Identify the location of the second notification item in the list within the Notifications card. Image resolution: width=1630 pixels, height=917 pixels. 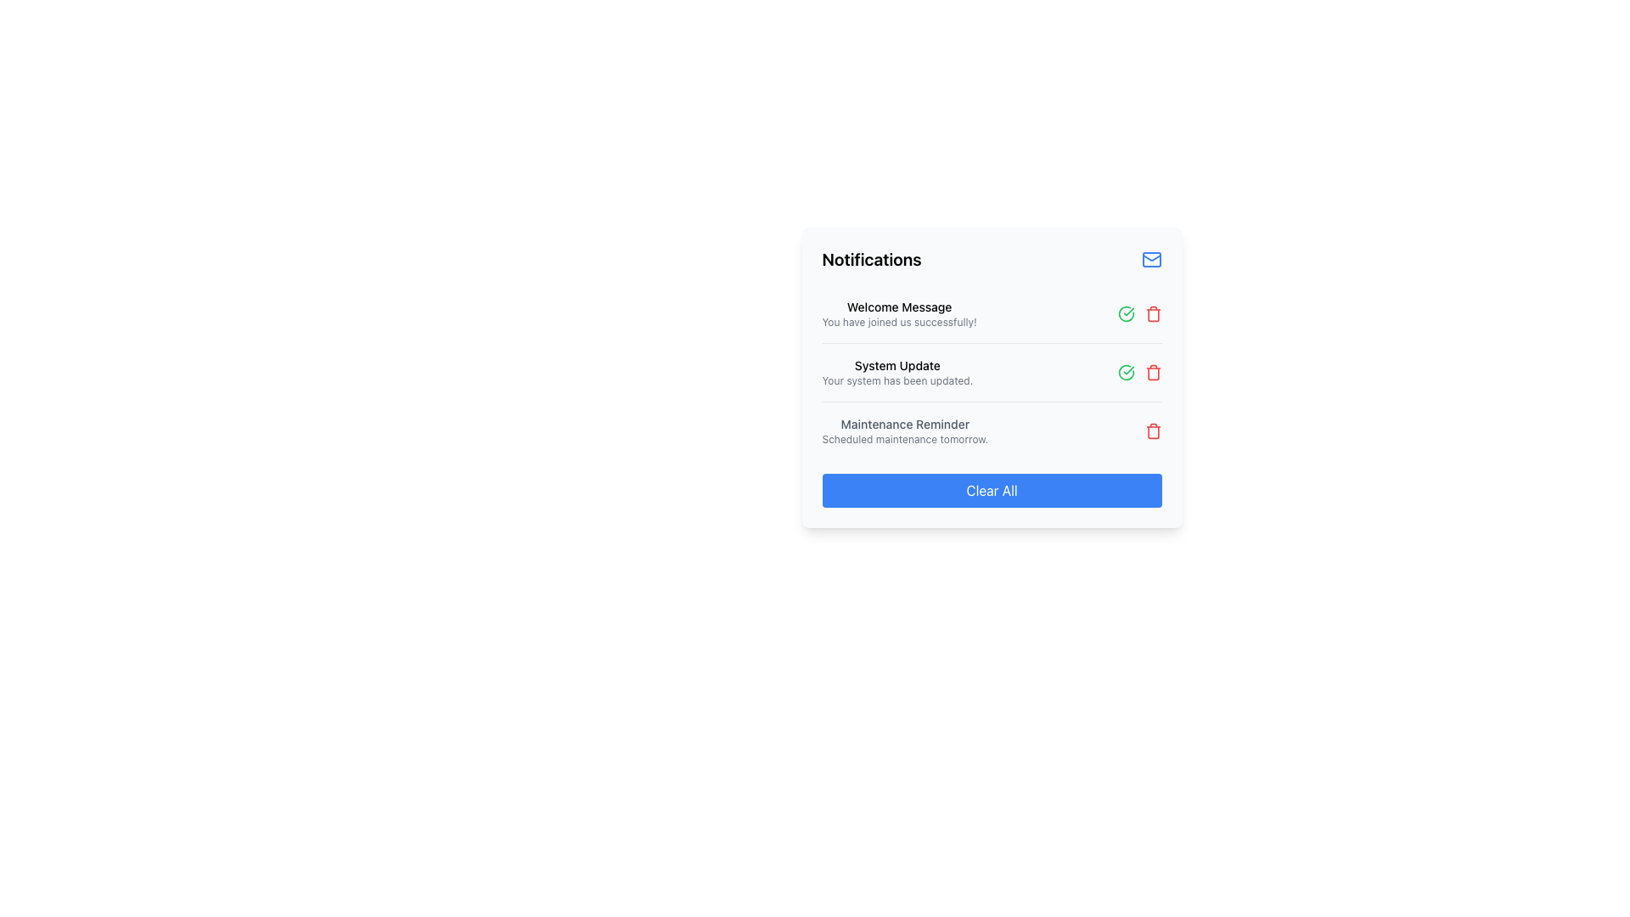
(992, 372).